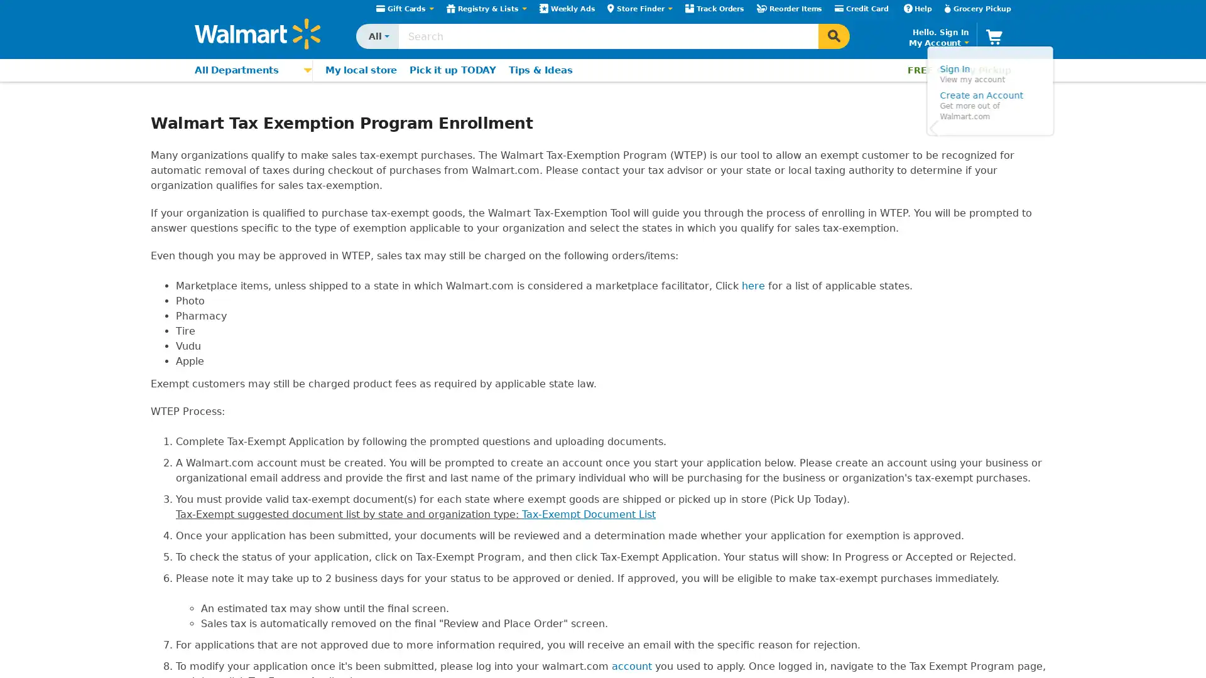 The width and height of the screenshot is (1206, 678). Describe the element at coordinates (244, 215) in the screenshot. I see `Baby` at that location.